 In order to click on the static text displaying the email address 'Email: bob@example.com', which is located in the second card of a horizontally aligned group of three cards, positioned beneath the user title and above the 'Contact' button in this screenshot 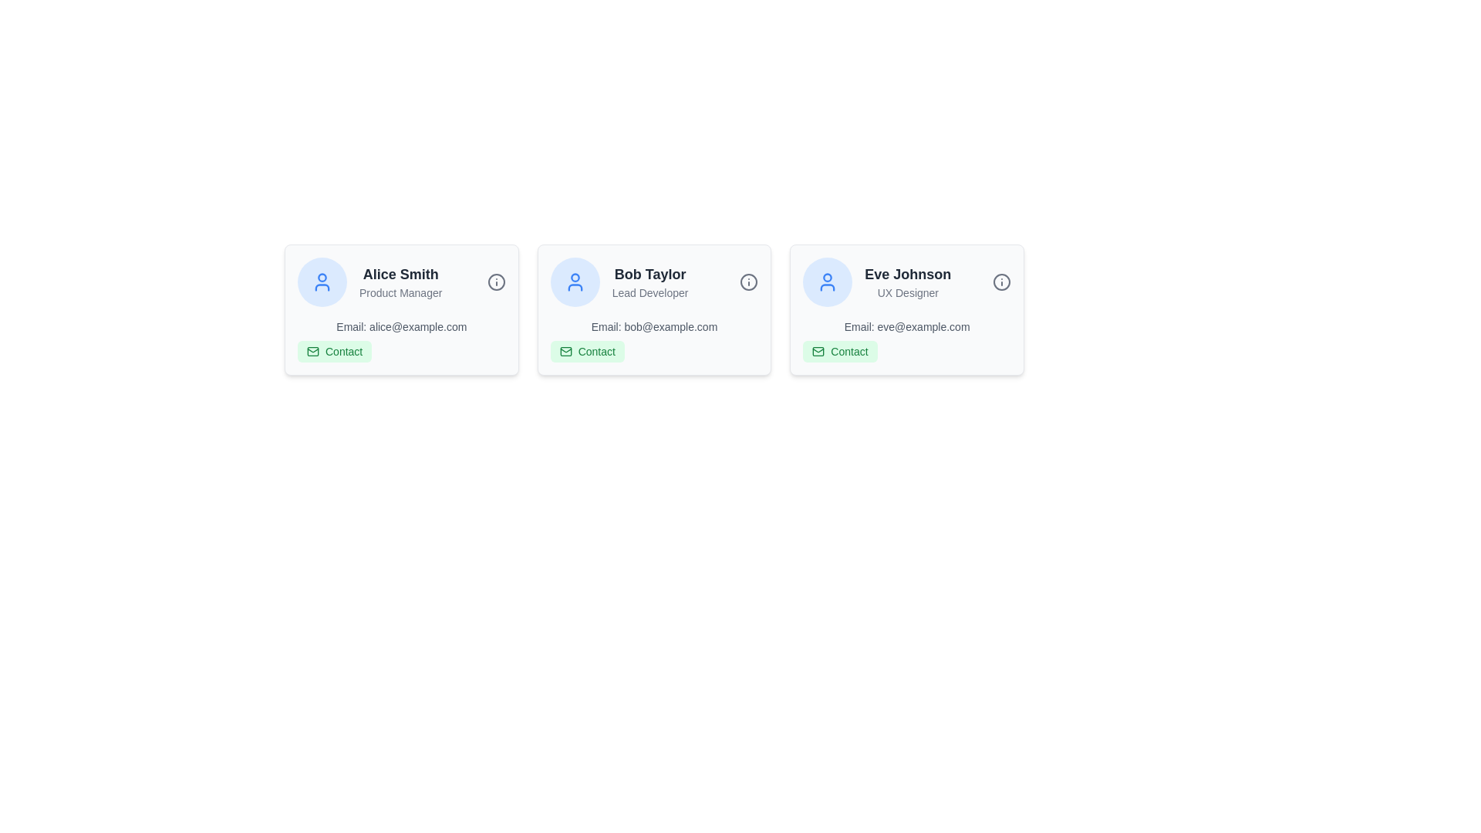, I will do `click(654, 326)`.